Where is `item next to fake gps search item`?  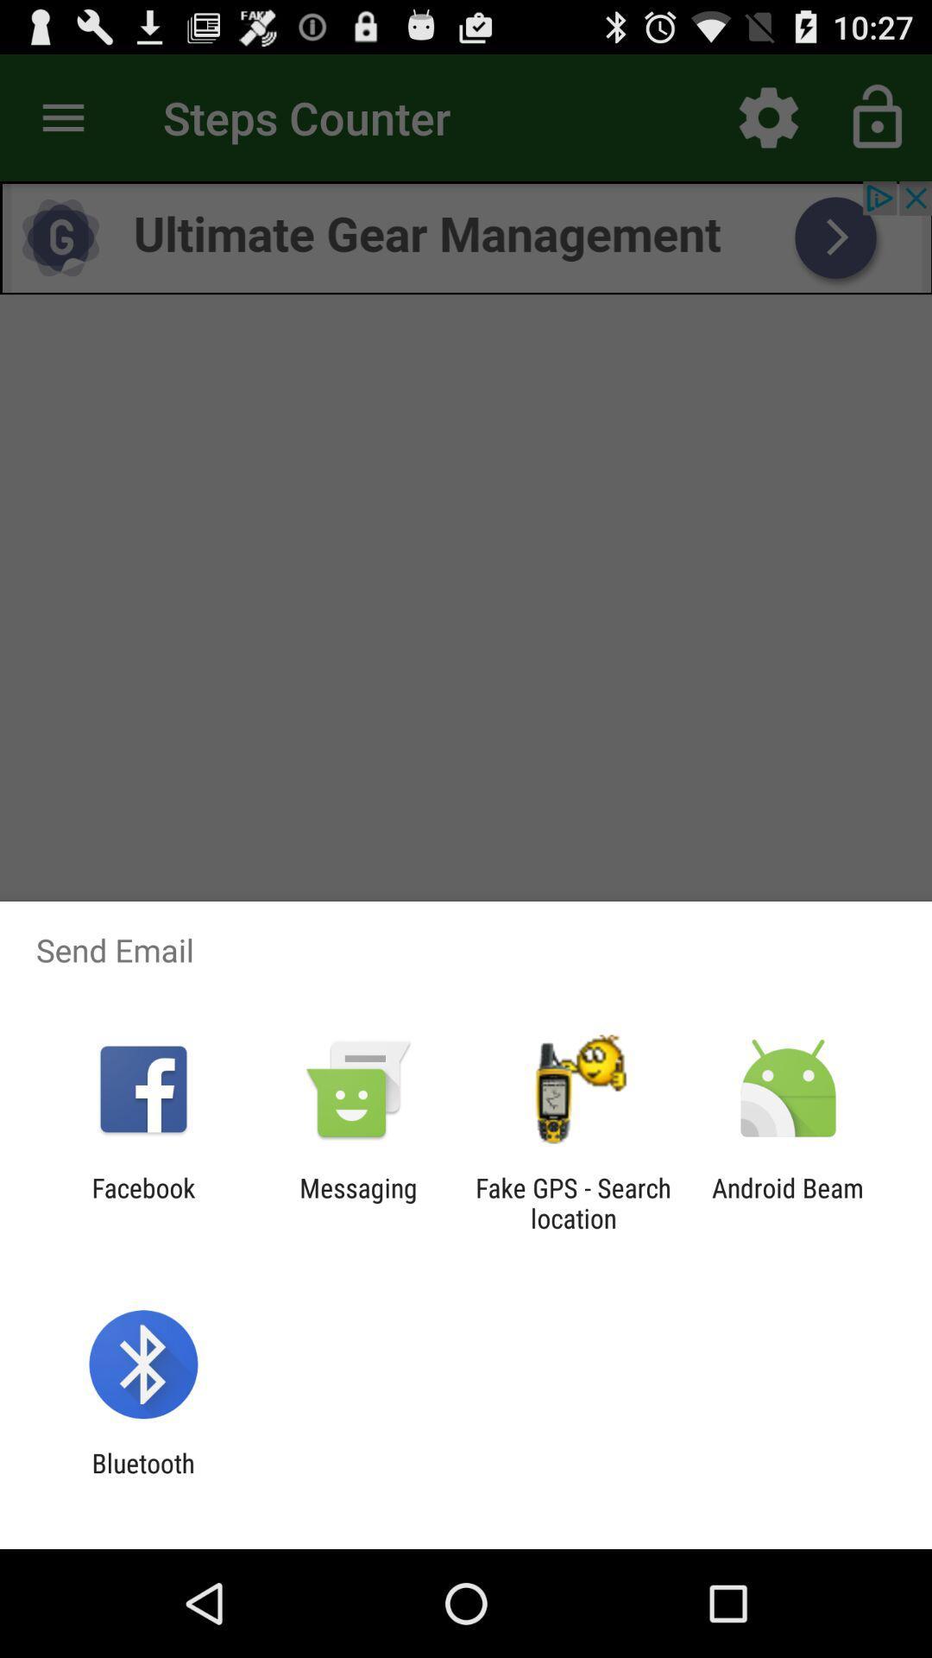
item next to fake gps search item is located at coordinates (788, 1202).